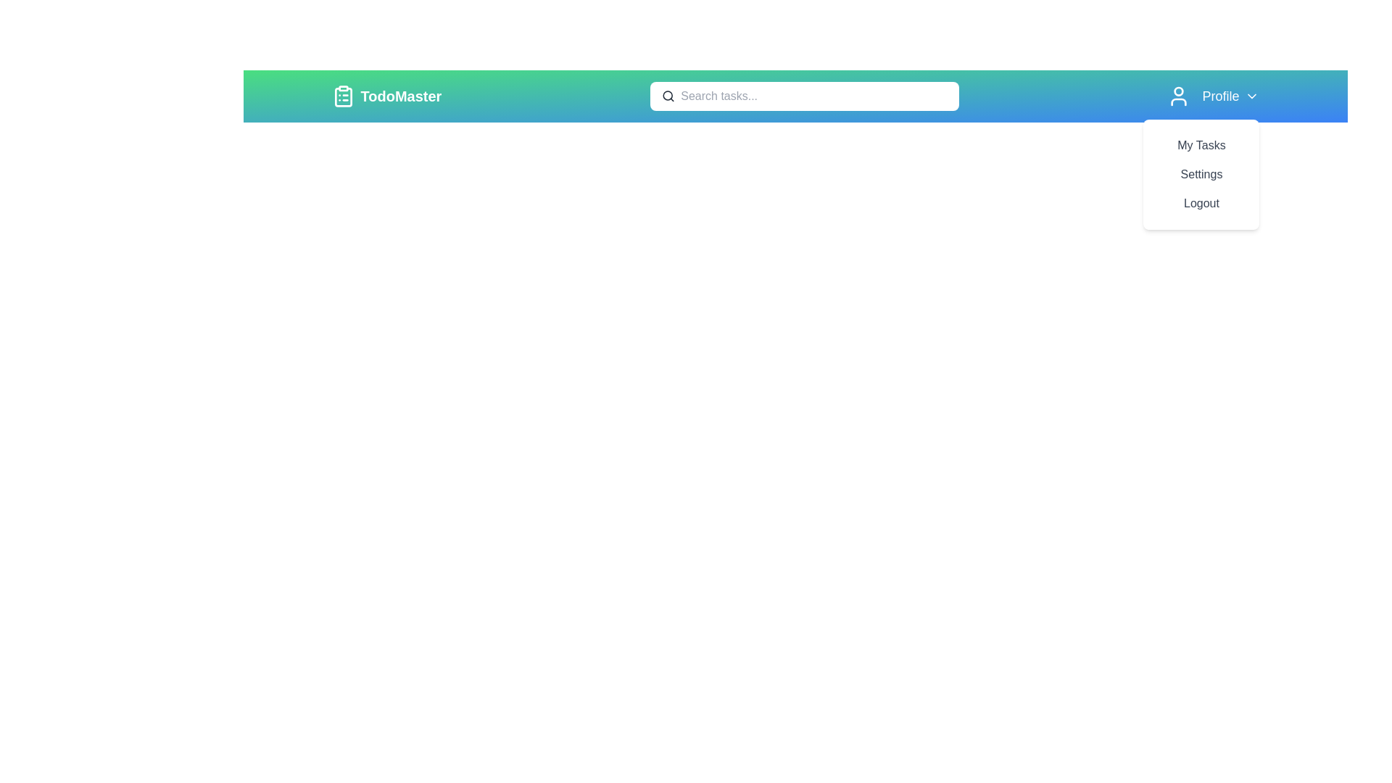  I want to click on the leftmost icon in the header bar of the application, which serves as the visual logo for 'TodoMaster', so click(342, 96).